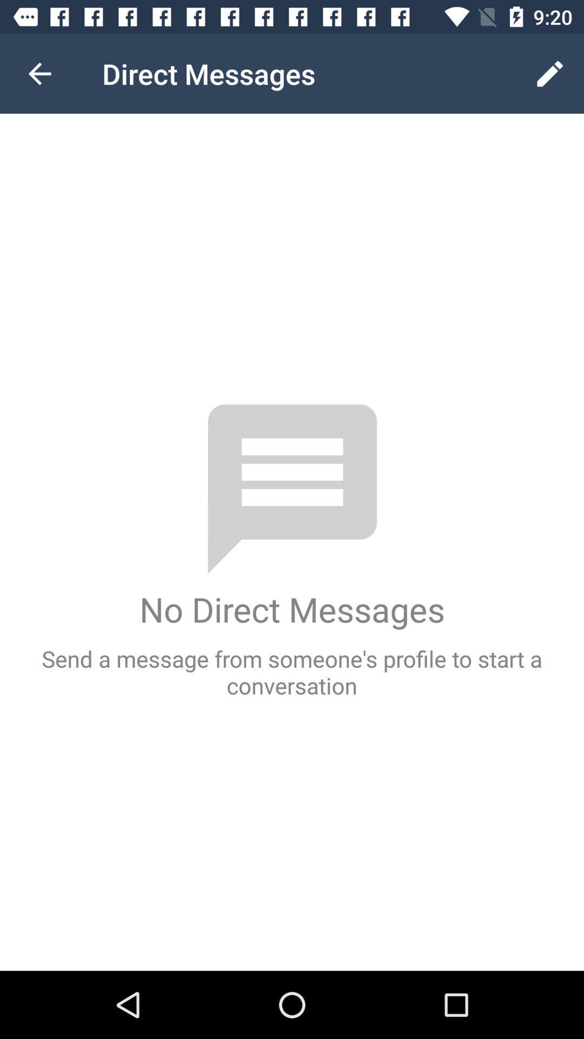 The height and width of the screenshot is (1039, 584). What do you see at coordinates (39, 73) in the screenshot?
I see `icon at the top left corner` at bounding box center [39, 73].